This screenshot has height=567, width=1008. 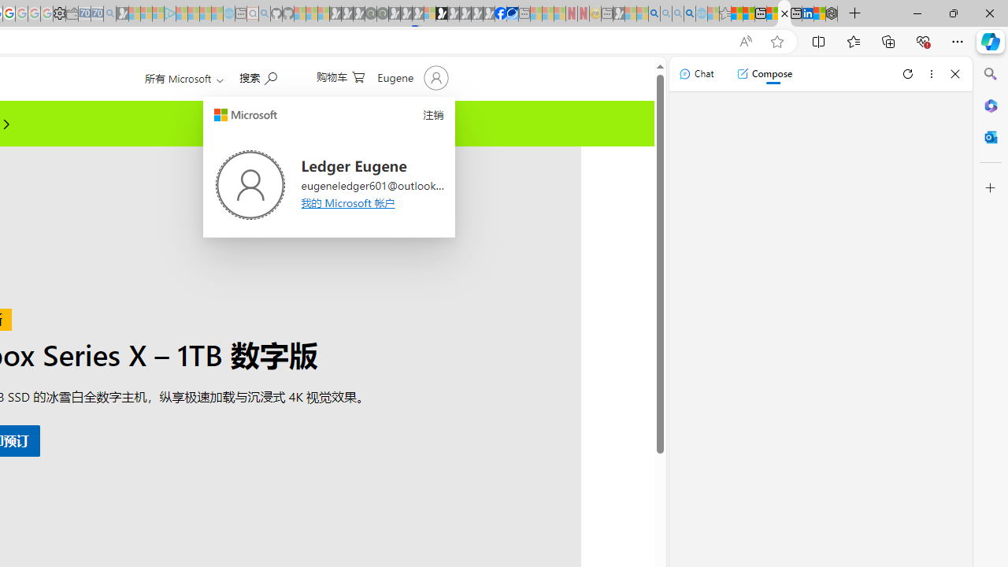 What do you see at coordinates (957, 40) in the screenshot?
I see `'Settings and more (Alt+F)'` at bounding box center [957, 40].